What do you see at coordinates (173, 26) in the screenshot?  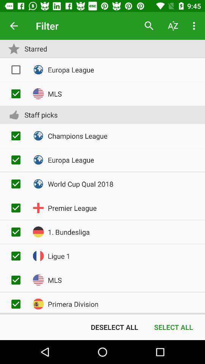 I see `the item above europa league icon` at bounding box center [173, 26].